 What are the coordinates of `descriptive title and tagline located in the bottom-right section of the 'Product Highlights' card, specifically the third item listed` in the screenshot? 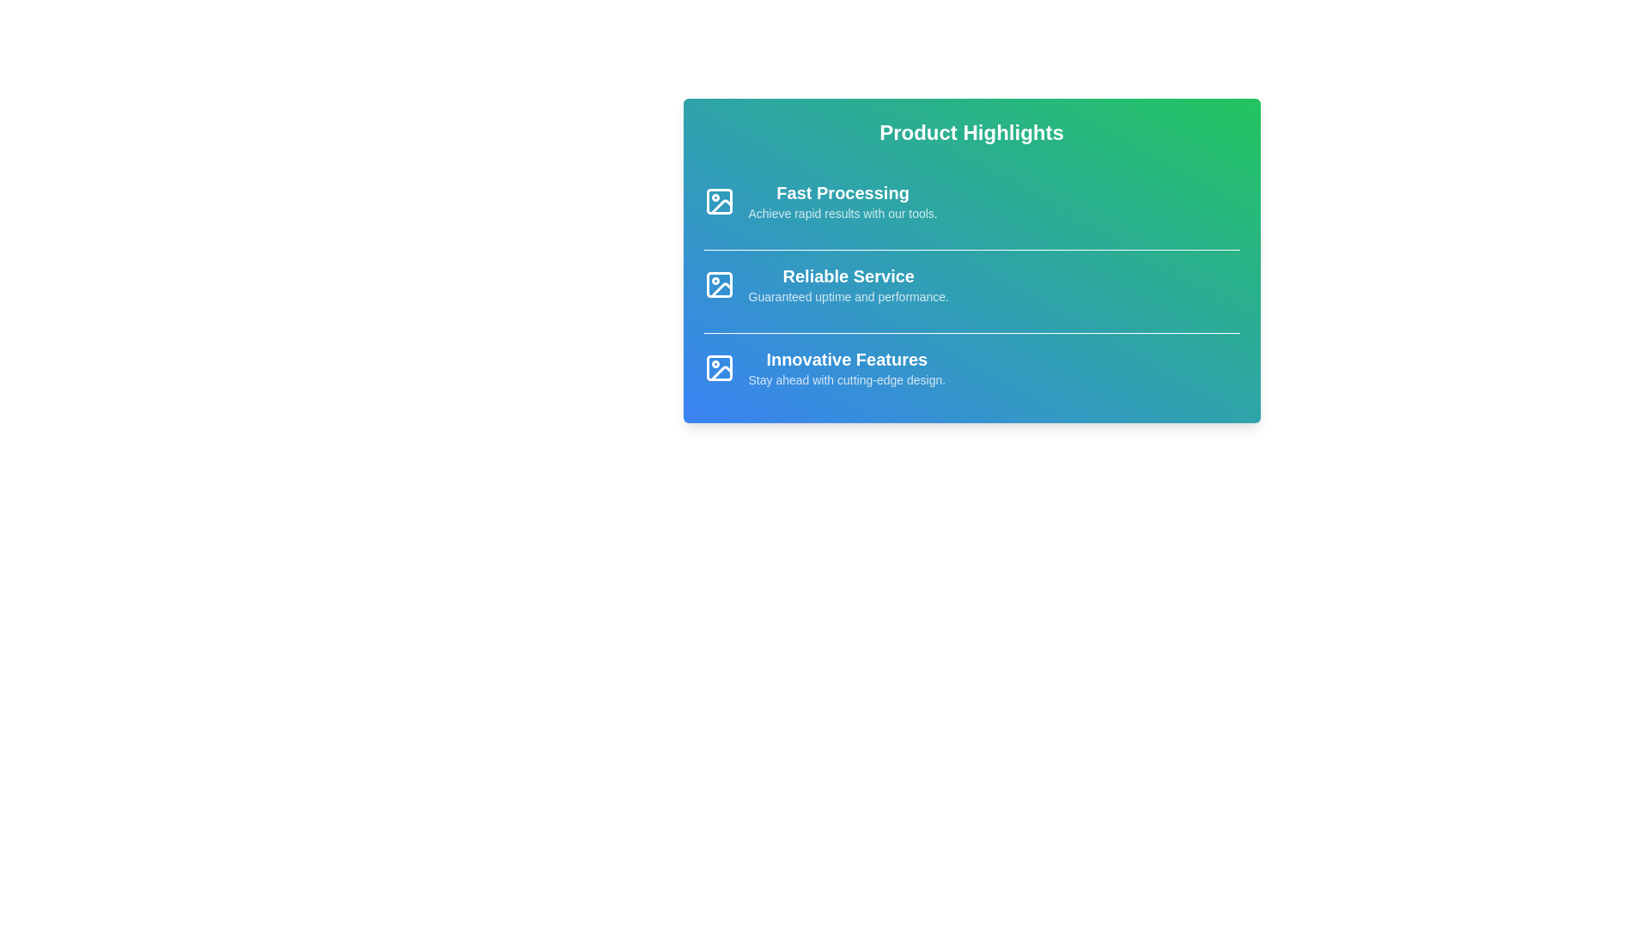 It's located at (847, 367).